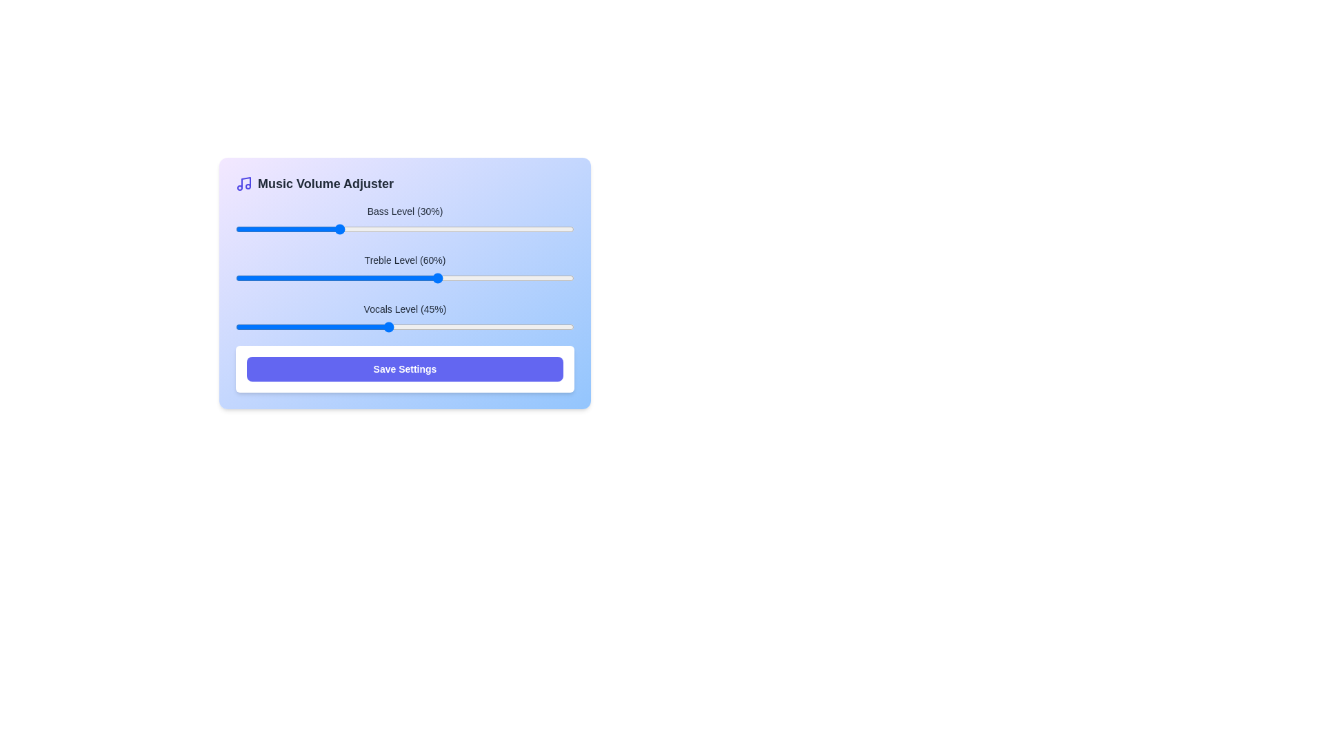 The image size is (1324, 744). Describe the element at coordinates (378, 228) in the screenshot. I see `the bass level` at that location.